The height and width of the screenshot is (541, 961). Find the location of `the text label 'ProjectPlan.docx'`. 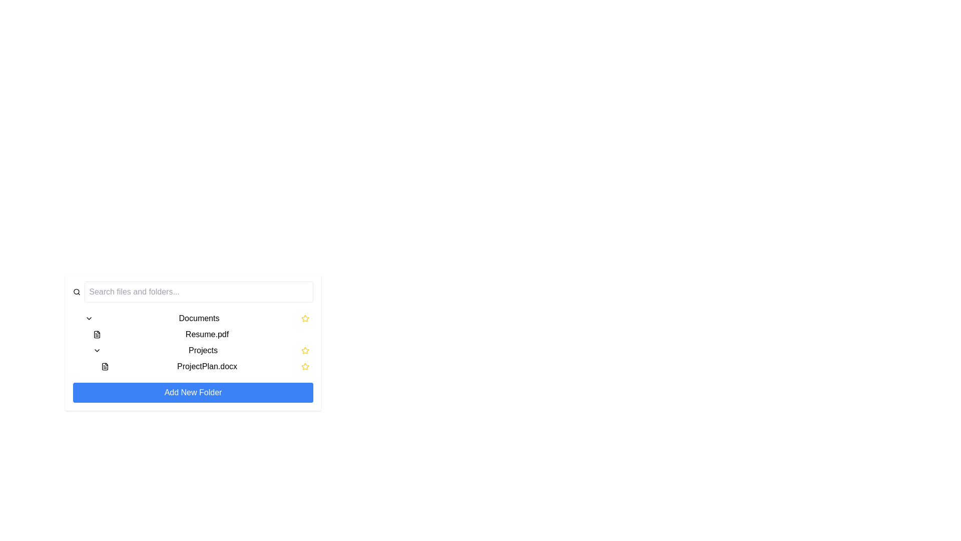

the text label 'ProjectPlan.docx' is located at coordinates (206, 367).